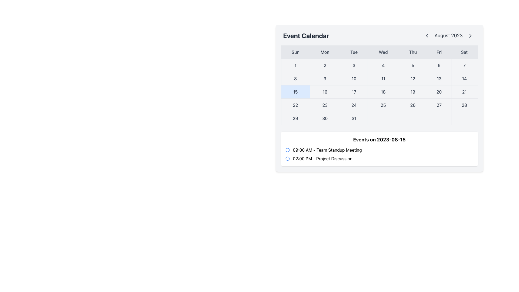  What do you see at coordinates (295, 78) in the screenshot?
I see `the calendar day button displaying the number '8'` at bounding box center [295, 78].